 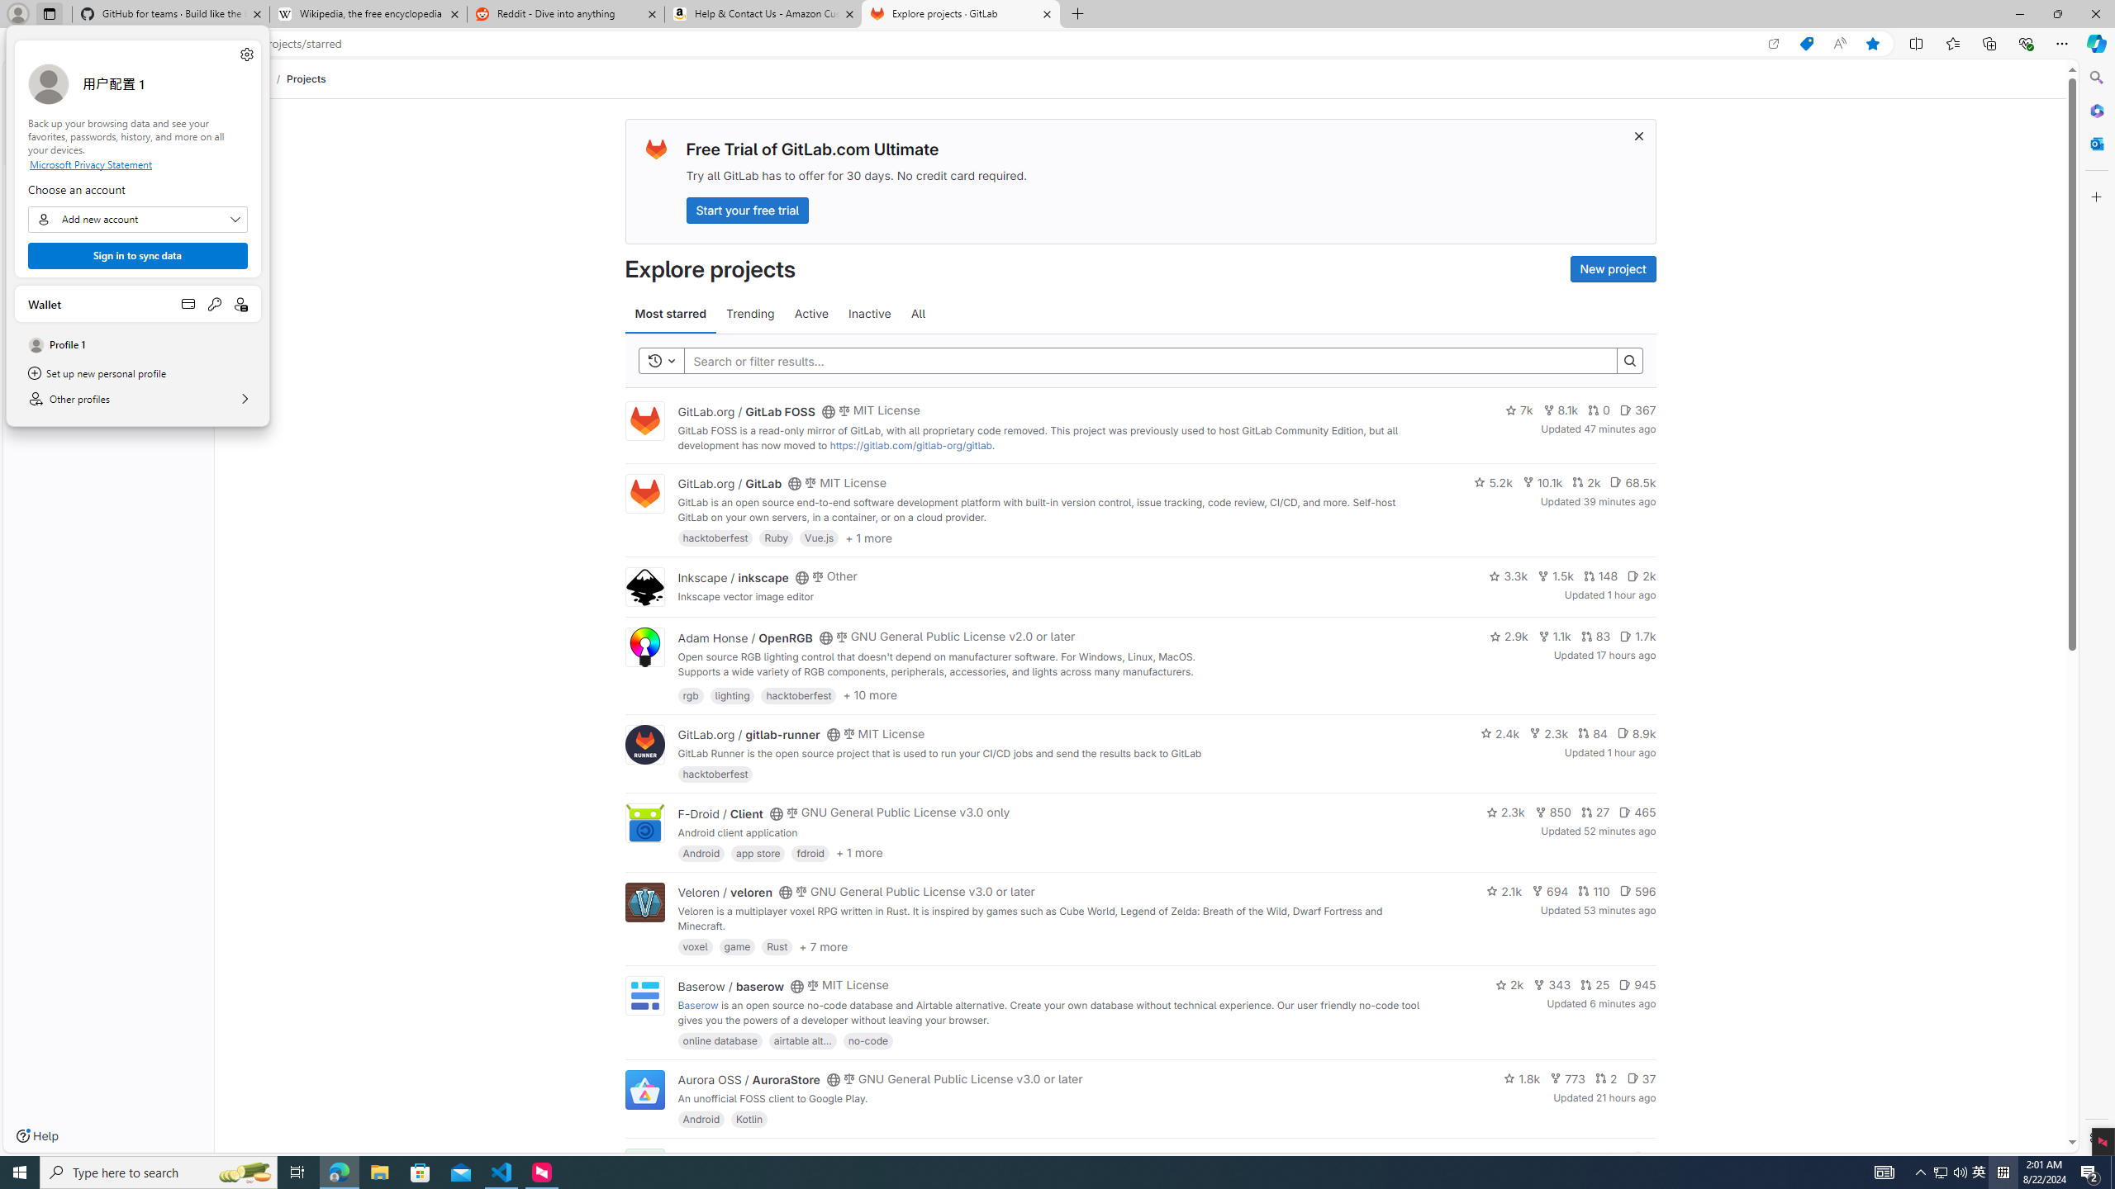 What do you see at coordinates (810, 851) in the screenshot?
I see `'fdroid'` at bounding box center [810, 851].